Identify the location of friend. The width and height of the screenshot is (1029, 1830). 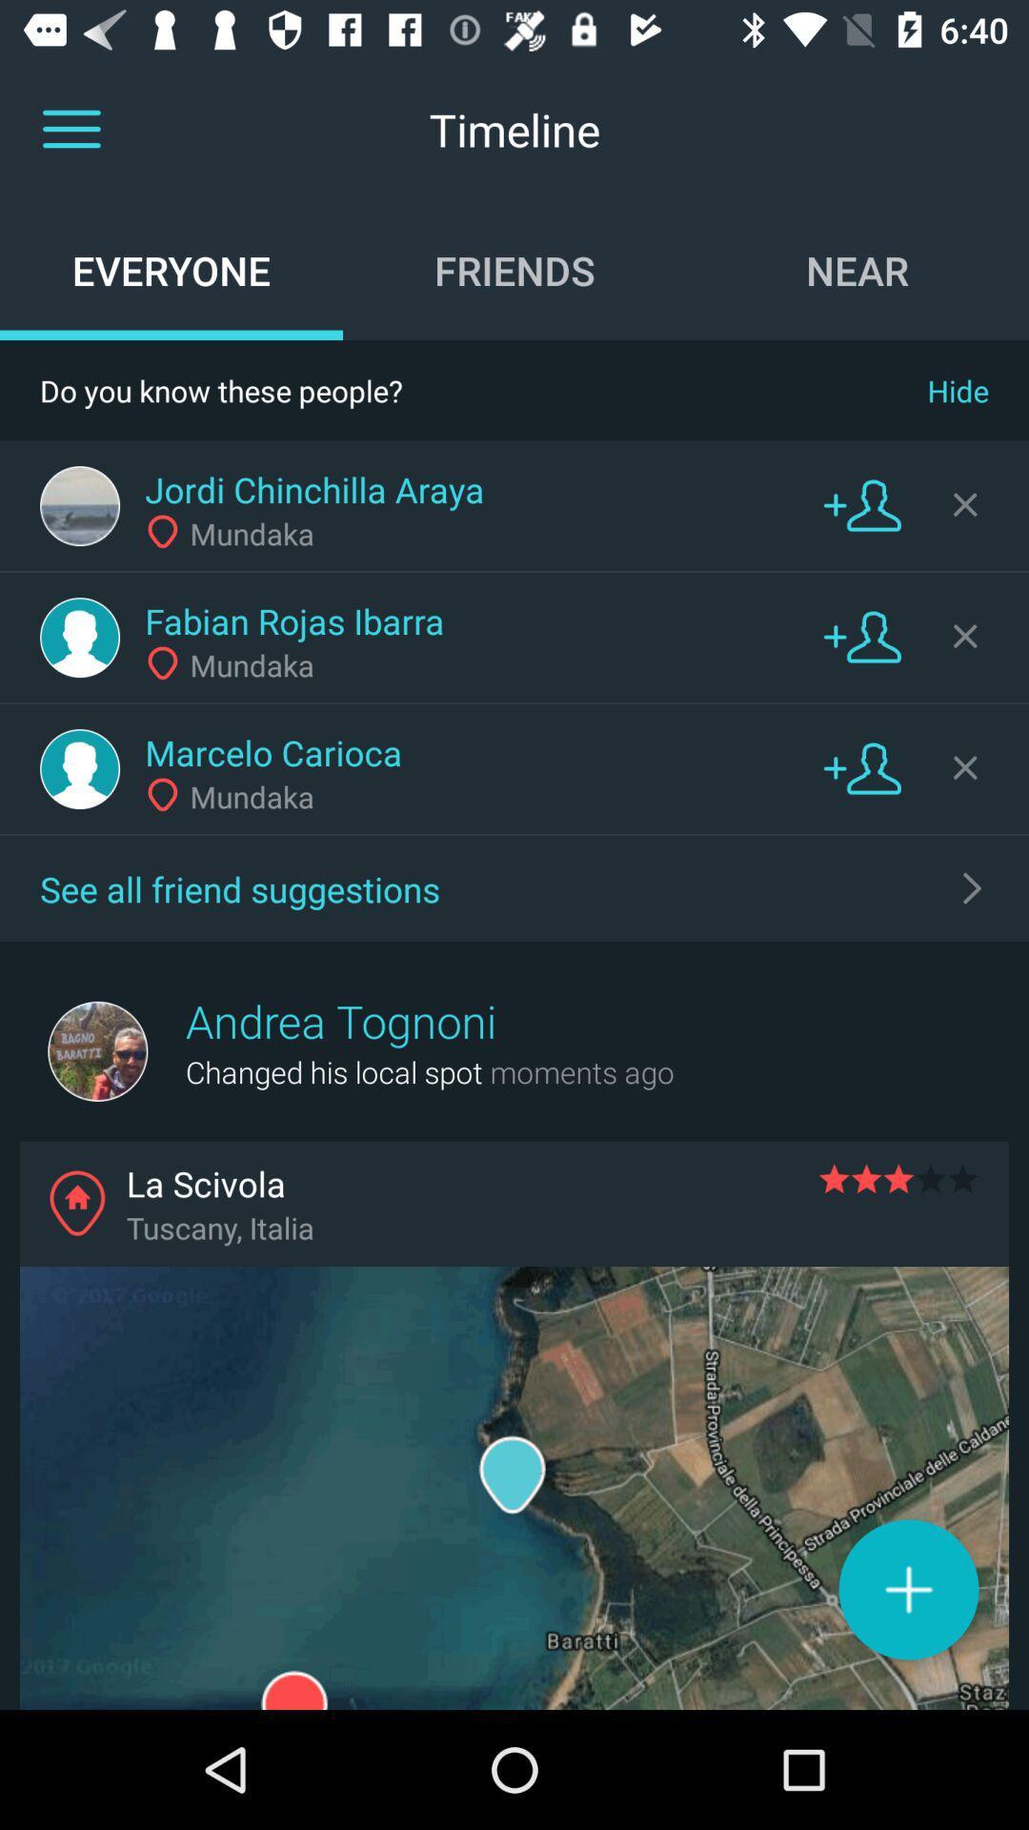
(862, 504).